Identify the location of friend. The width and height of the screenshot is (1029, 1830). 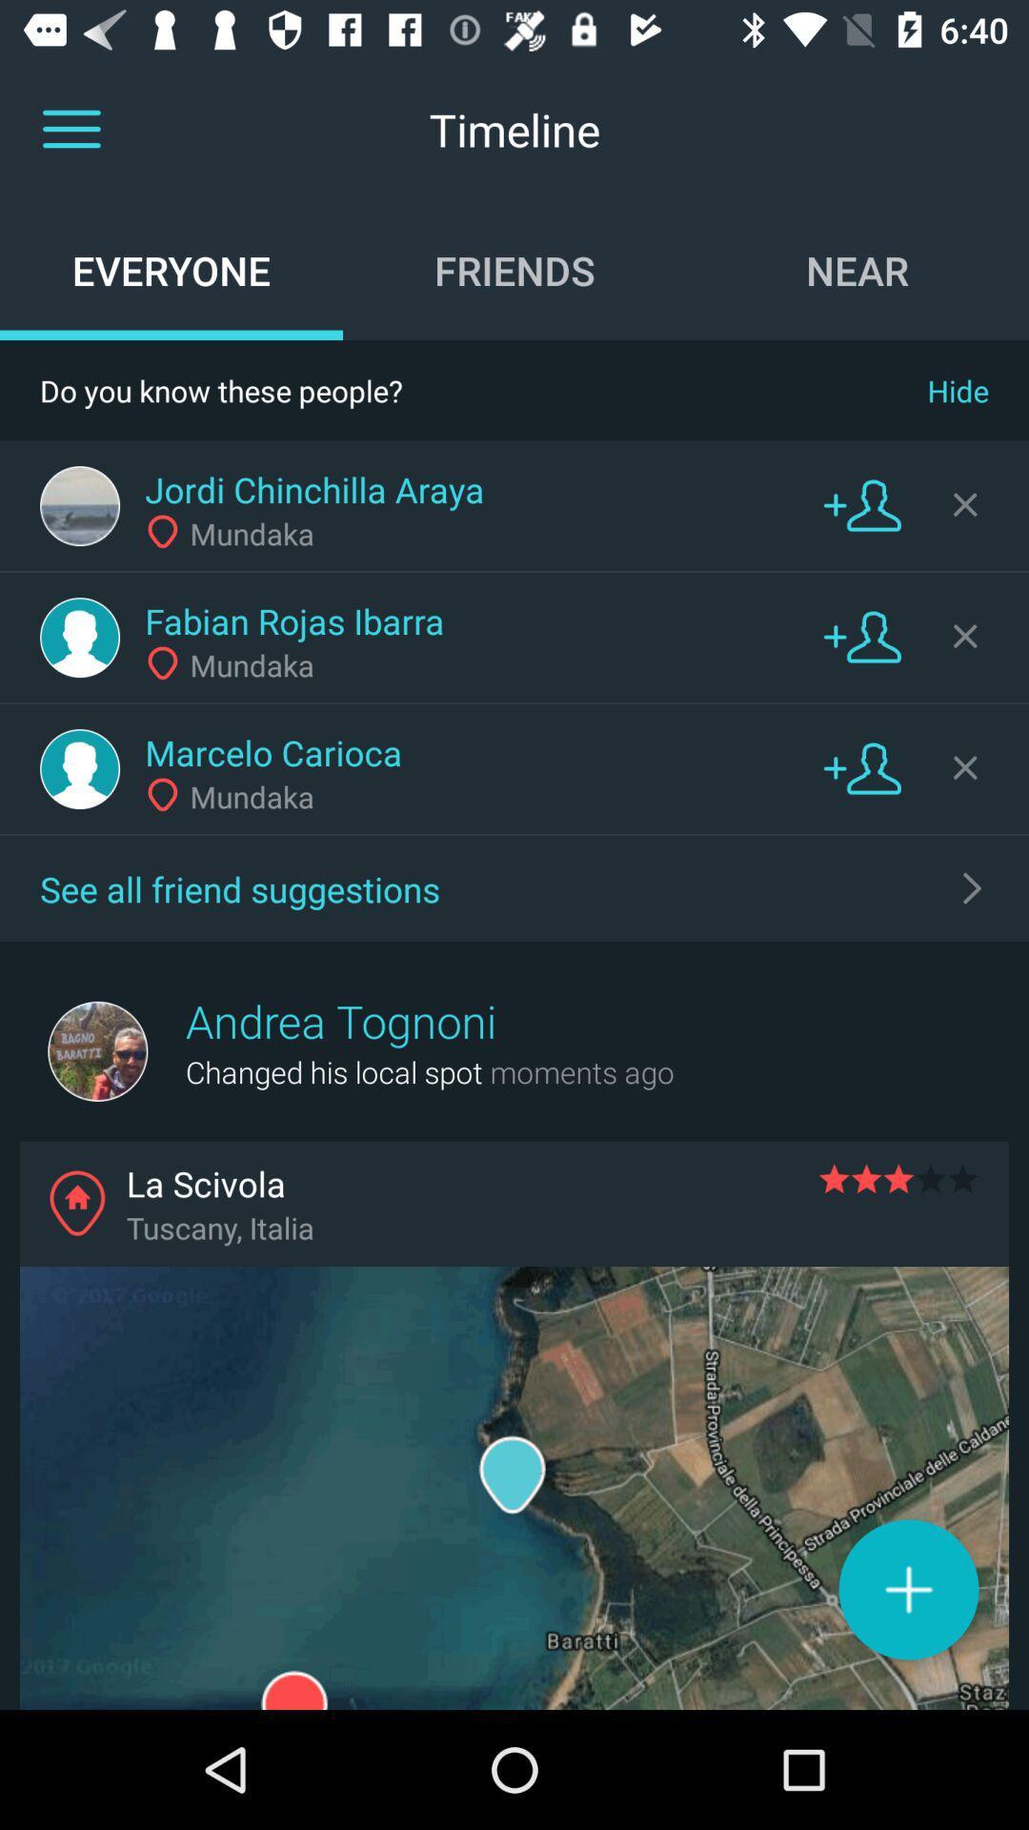
(862, 504).